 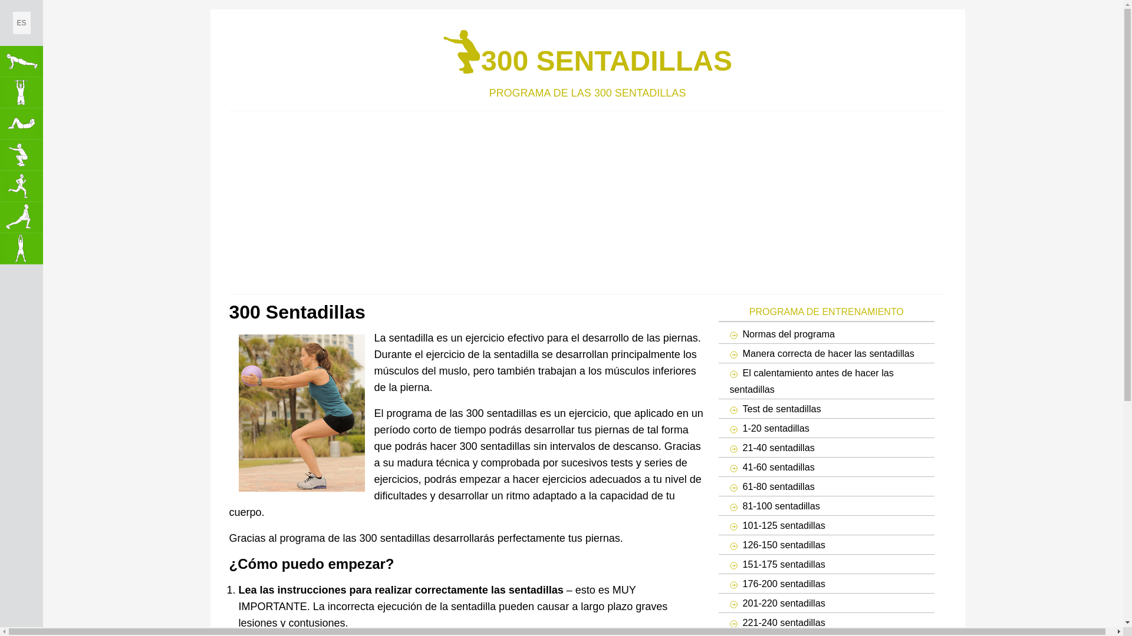 What do you see at coordinates (587, 51) in the screenshot?
I see `'300 SENTADILLAS'` at bounding box center [587, 51].